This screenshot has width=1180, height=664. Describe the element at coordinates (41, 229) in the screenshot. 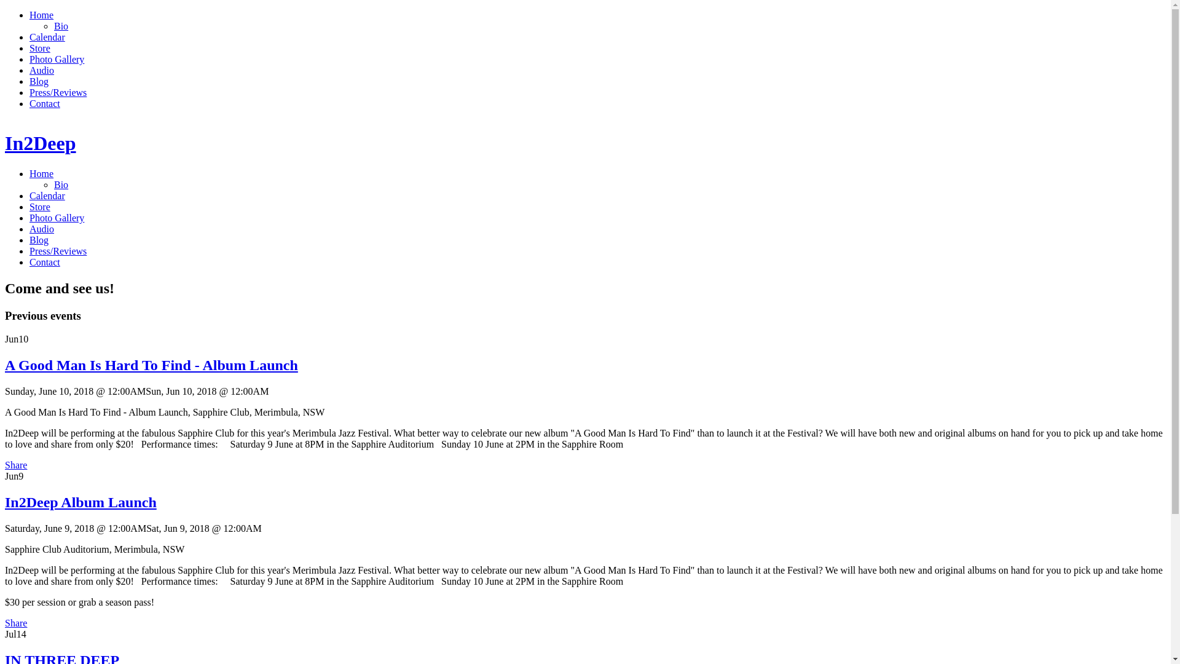

I see `'Audio'` at that location.